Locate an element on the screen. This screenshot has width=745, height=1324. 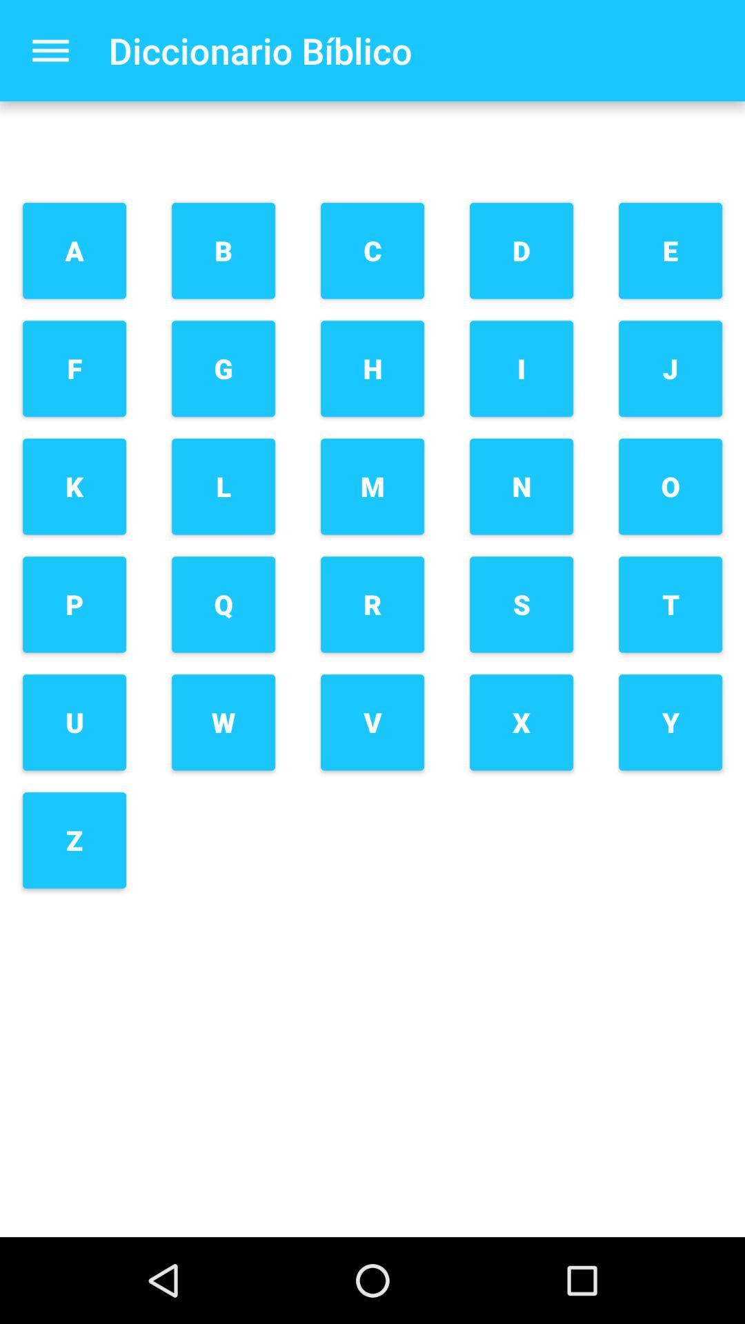
h icon is located at coordinates (372, 368).